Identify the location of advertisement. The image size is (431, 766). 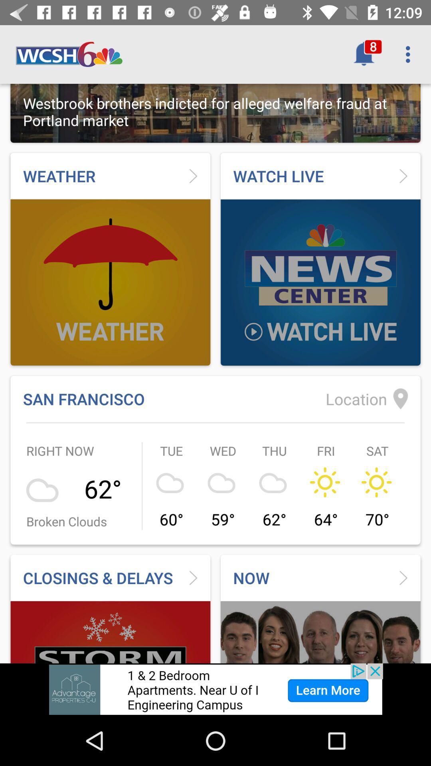
(215, 689).